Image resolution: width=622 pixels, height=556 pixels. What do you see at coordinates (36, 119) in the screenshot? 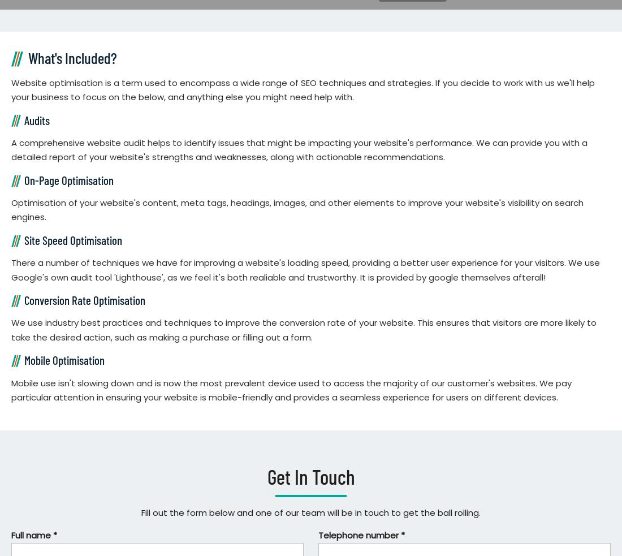
I see `'Audits'` at bounding box center [36, 119].